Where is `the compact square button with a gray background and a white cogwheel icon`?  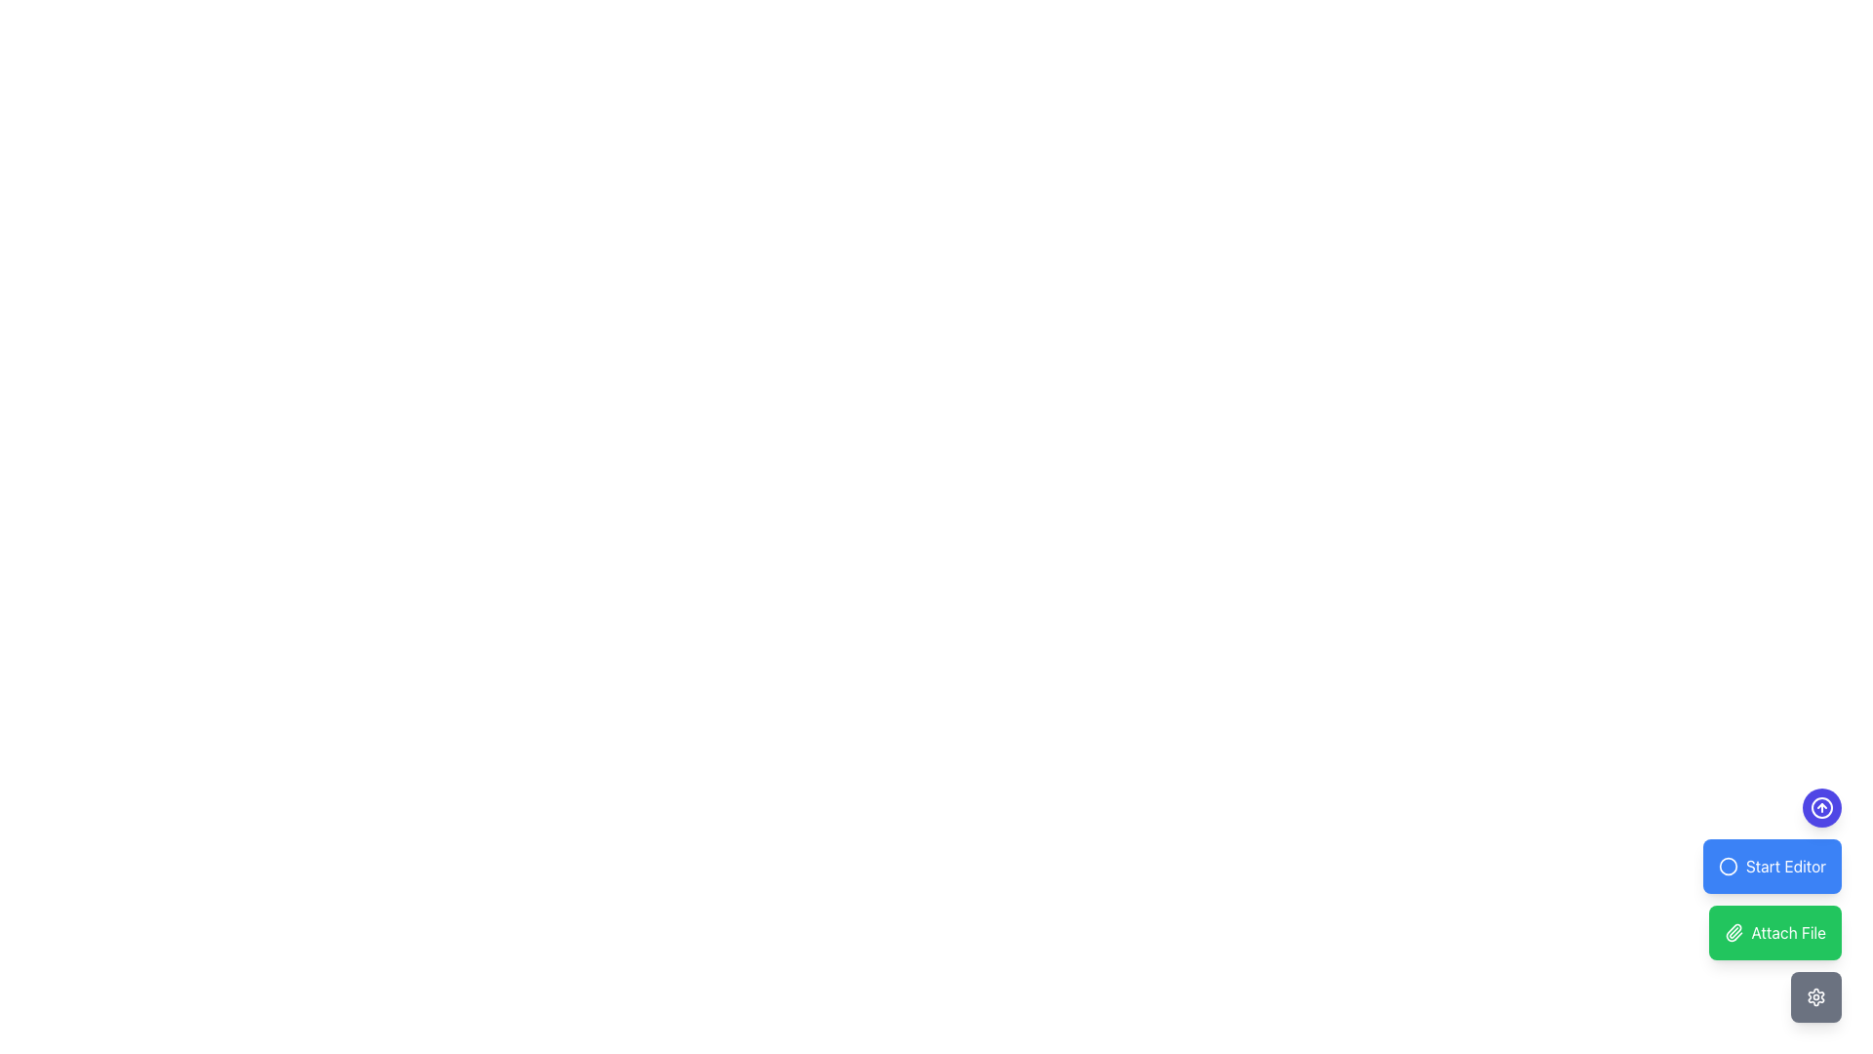
the compact square button with a gray background and a white cogwheel icon is located at coordinates (1815, 997).